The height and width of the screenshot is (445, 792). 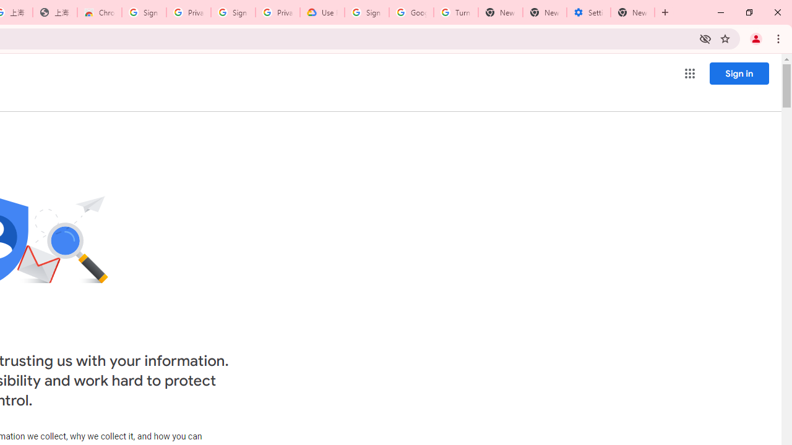 I want to click on 'New Tab', so click(x=632, y=12).